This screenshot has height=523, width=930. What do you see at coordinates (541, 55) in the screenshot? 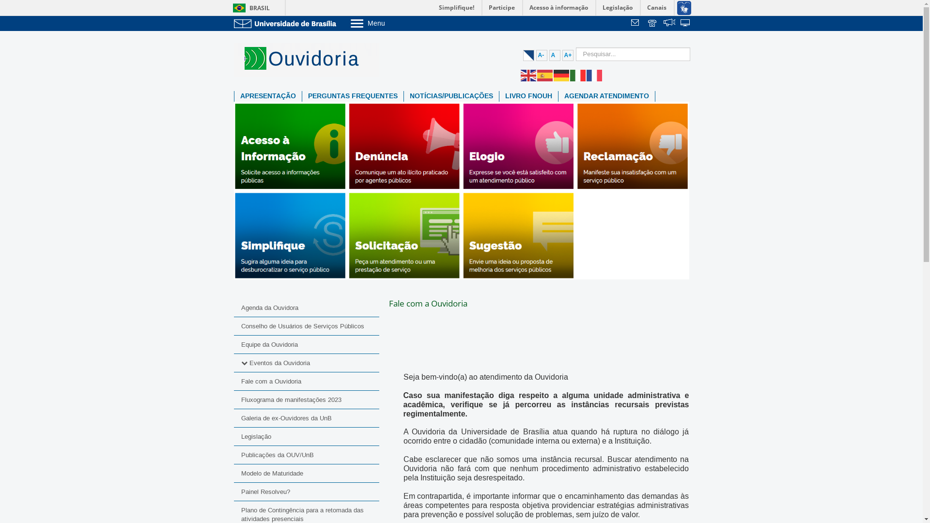
I see `'A-'` at bounding box center [541, 55].